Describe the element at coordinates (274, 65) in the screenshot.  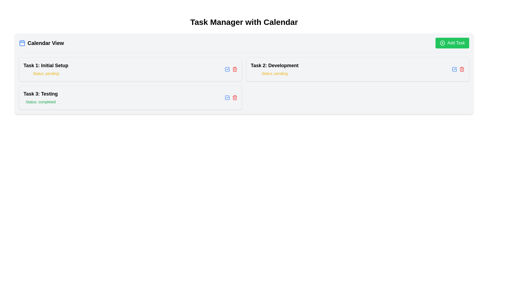
I see `the static text label that serves as the title for 'Task 2: Development', which is positioned in the upper-right section of the user interface` at that location.